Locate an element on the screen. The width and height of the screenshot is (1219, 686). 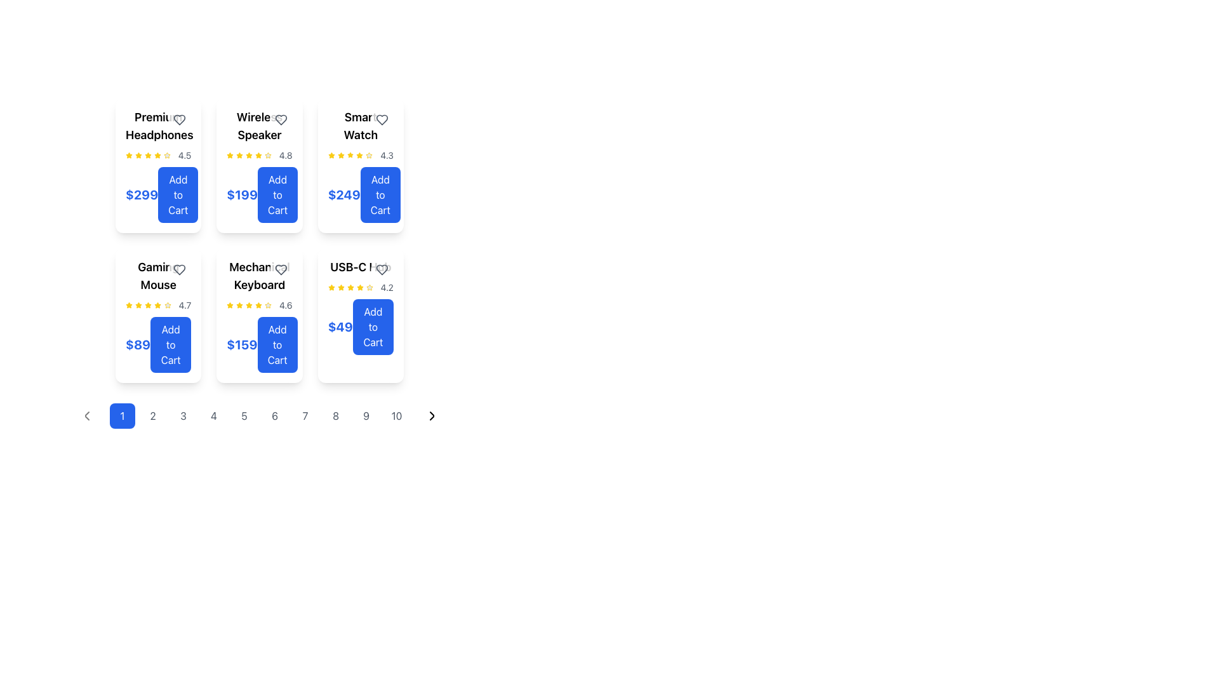
the Chevron Right icon located at the bottom right of the interface is located at coordinates (432, 416).